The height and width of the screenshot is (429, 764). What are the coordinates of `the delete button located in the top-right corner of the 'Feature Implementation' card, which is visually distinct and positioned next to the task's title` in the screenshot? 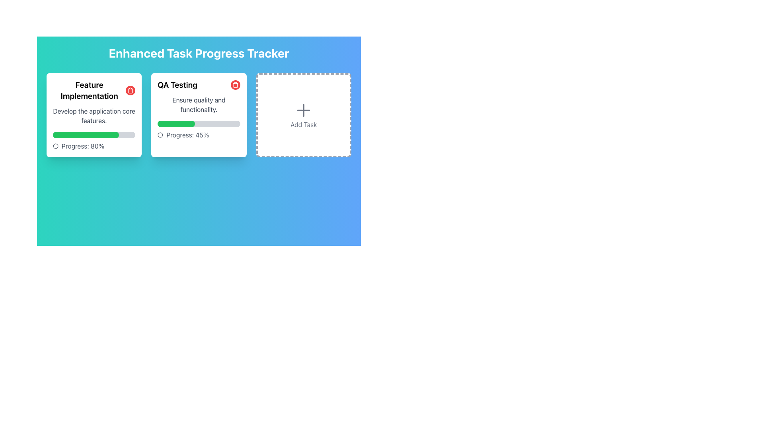 It's located at (131, 90).